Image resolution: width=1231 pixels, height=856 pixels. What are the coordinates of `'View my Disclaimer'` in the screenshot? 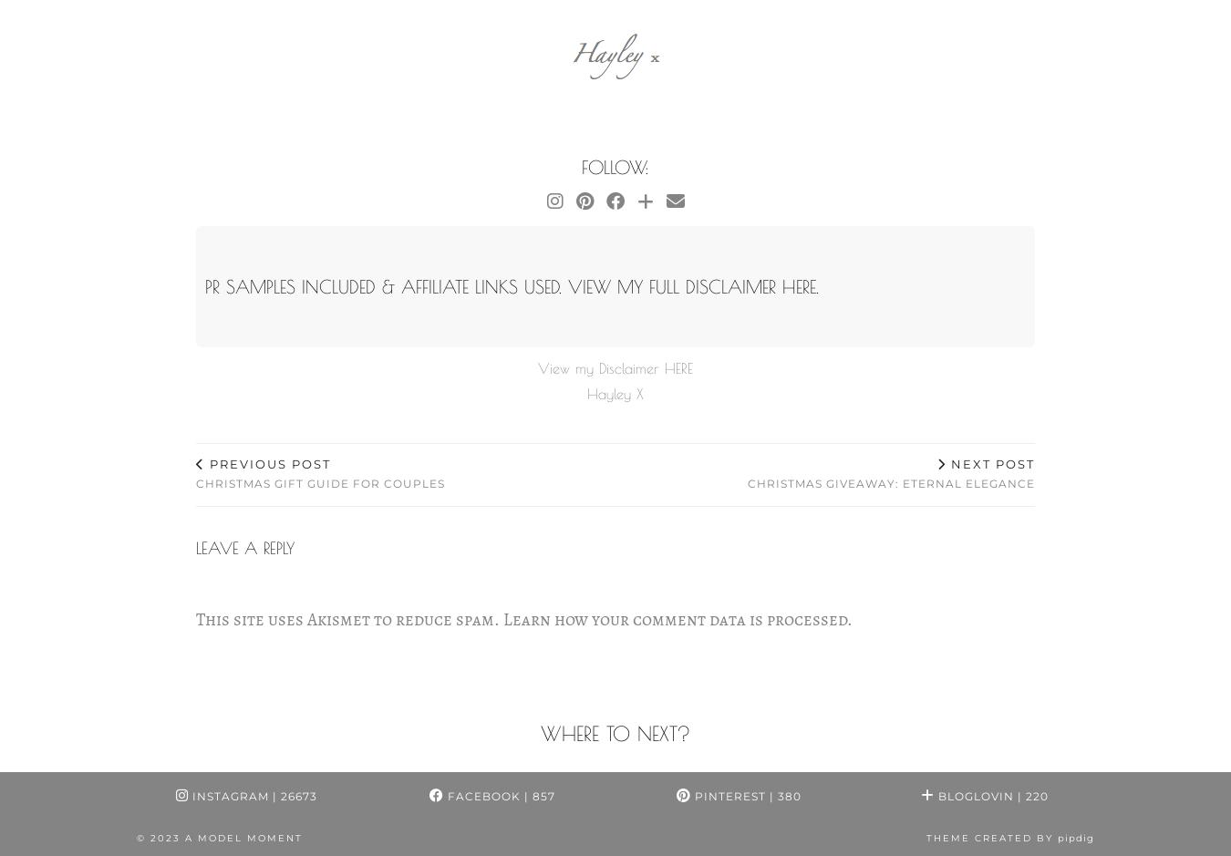 It's located at (601, 366).